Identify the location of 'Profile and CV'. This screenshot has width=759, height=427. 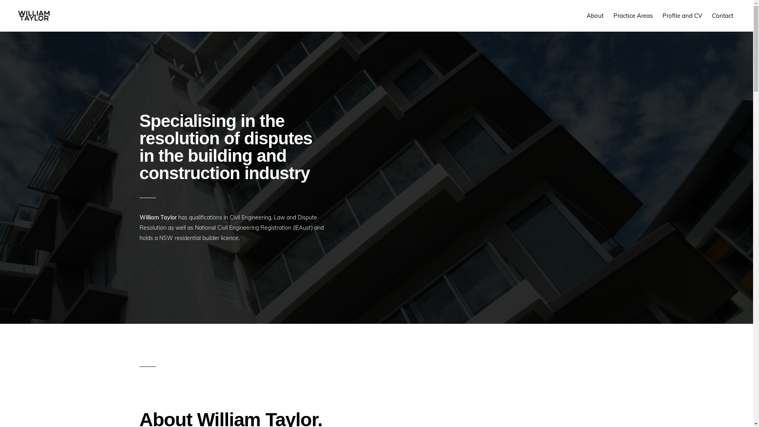
(682, 15).